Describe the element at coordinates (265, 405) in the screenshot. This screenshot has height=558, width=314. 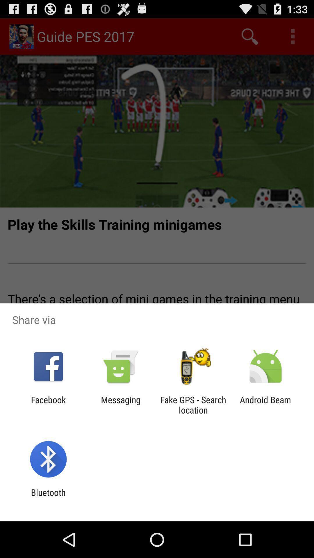
I see `app at the bottom right corner` at that location.